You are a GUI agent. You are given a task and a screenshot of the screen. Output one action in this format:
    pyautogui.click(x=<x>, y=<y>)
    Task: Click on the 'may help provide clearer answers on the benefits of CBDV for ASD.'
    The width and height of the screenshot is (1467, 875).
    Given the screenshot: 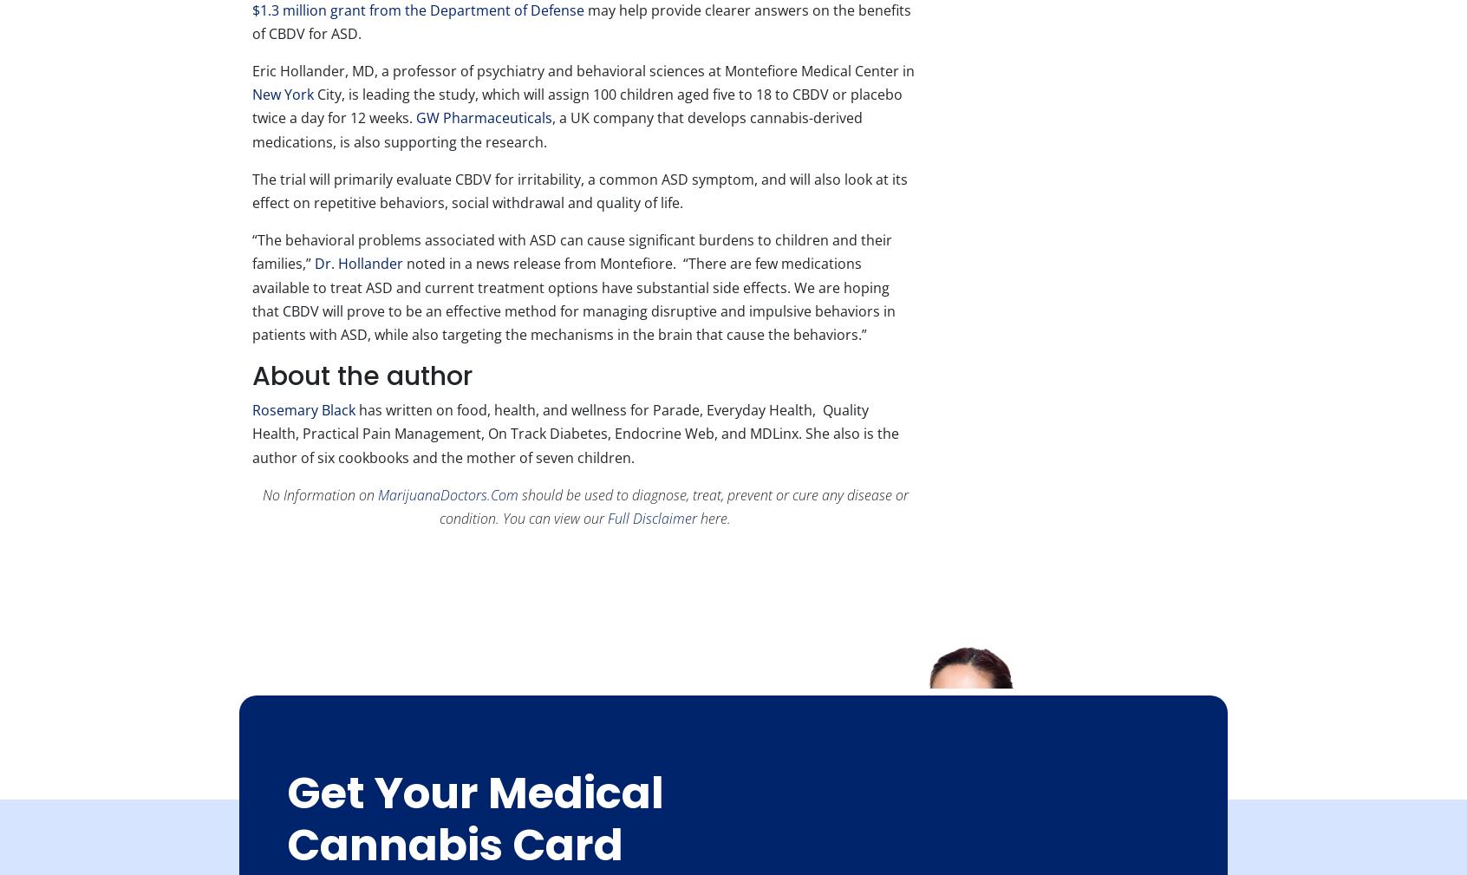 What is the action you would take?
    pyautogui.click(x=582, y=20)
    